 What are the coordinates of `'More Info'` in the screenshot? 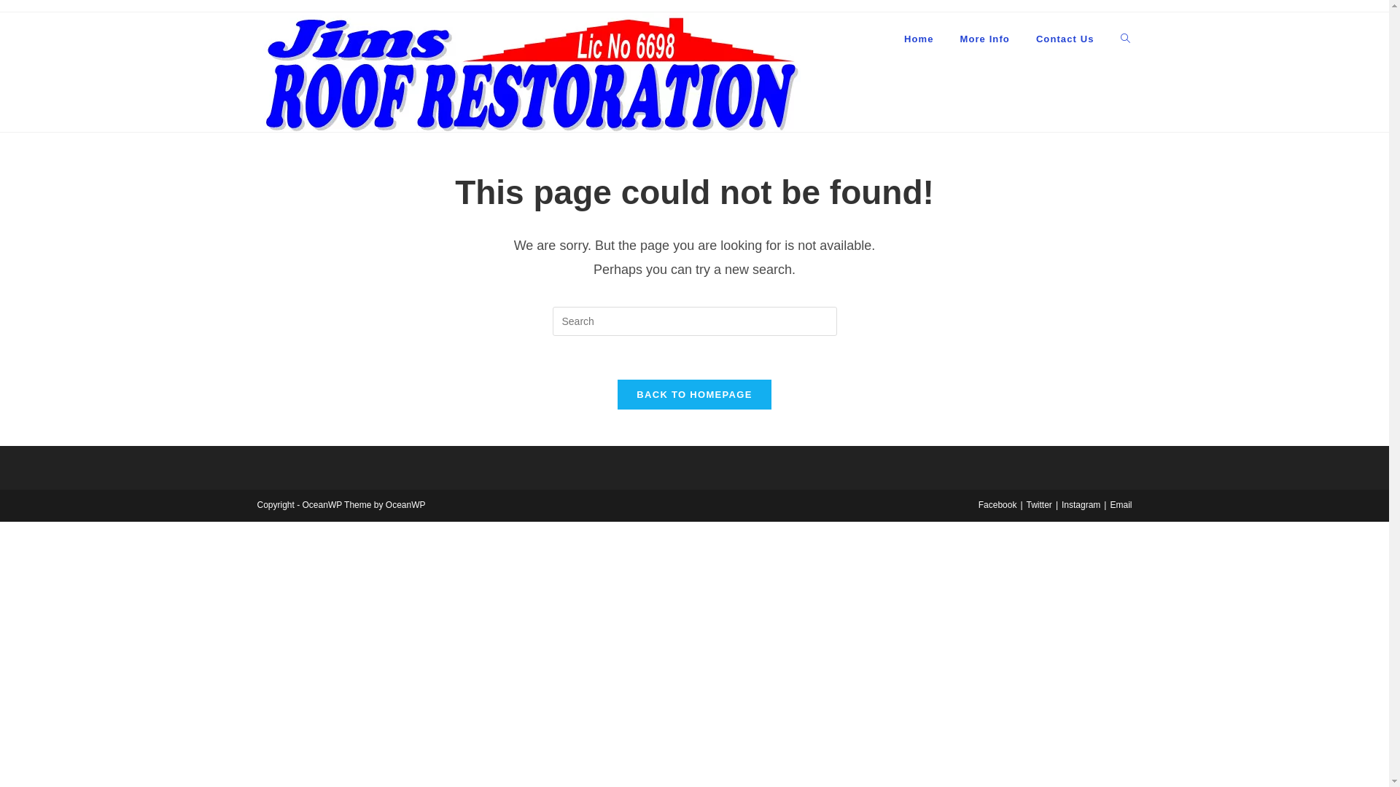 It's located at (946, 39).